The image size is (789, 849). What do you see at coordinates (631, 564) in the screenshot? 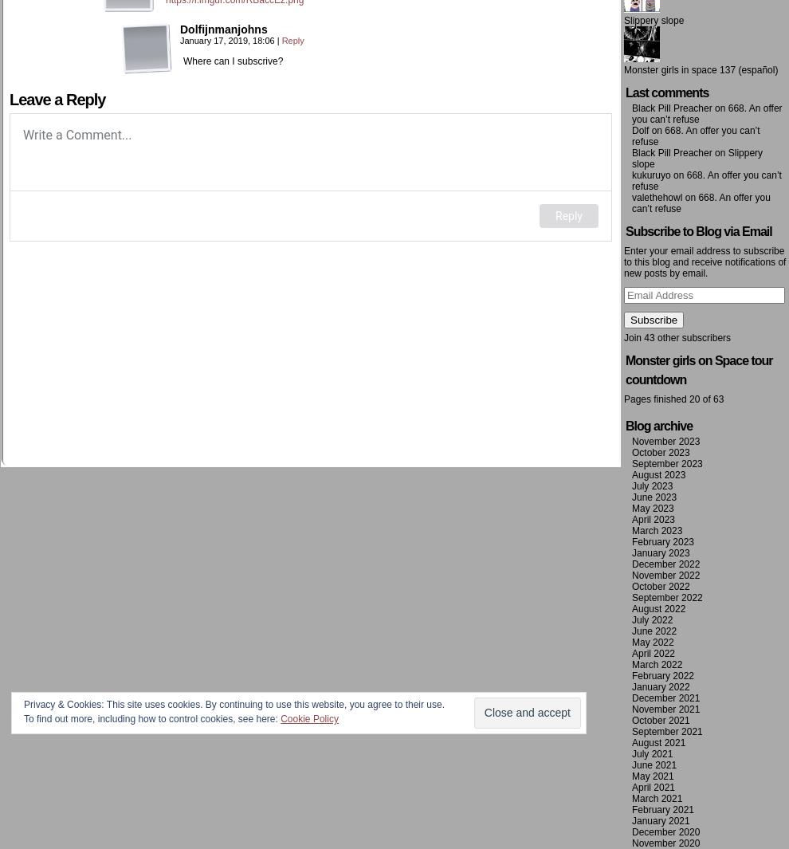
I see `'December 2022'` at bounding box center [631, 564].